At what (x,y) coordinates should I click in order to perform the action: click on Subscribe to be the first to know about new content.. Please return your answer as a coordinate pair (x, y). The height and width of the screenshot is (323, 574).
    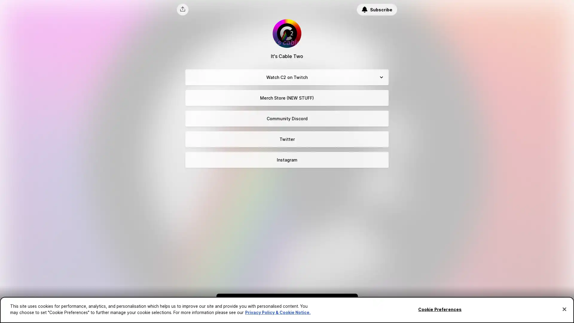
    Looking at the image, I should click on (283, 304).